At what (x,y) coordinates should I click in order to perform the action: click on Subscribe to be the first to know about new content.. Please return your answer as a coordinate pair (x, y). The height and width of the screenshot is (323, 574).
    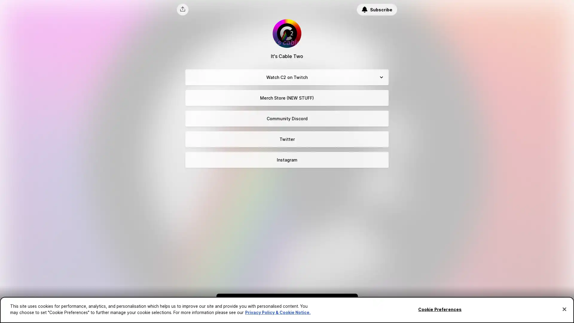
    Looking at the image, I should click on (283, 304).